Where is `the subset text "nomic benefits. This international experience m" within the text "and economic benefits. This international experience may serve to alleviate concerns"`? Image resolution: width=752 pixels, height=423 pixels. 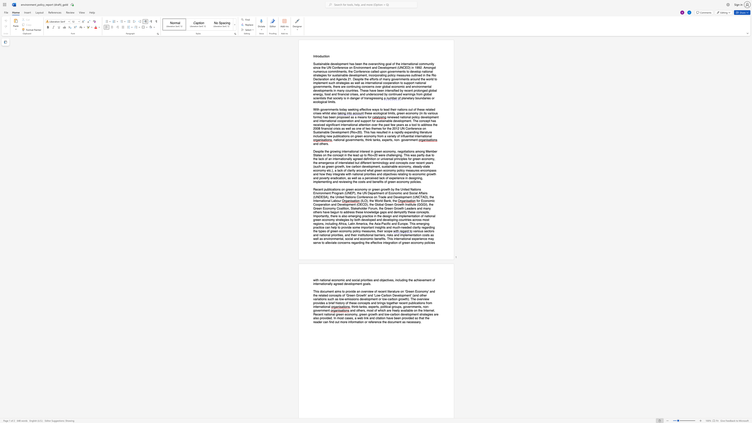 the subset text "nomic benefits. This international experience m" within the text "and economic benefits. This international experience may serve to alleviate concerns" is located at coordinates (365, 239).